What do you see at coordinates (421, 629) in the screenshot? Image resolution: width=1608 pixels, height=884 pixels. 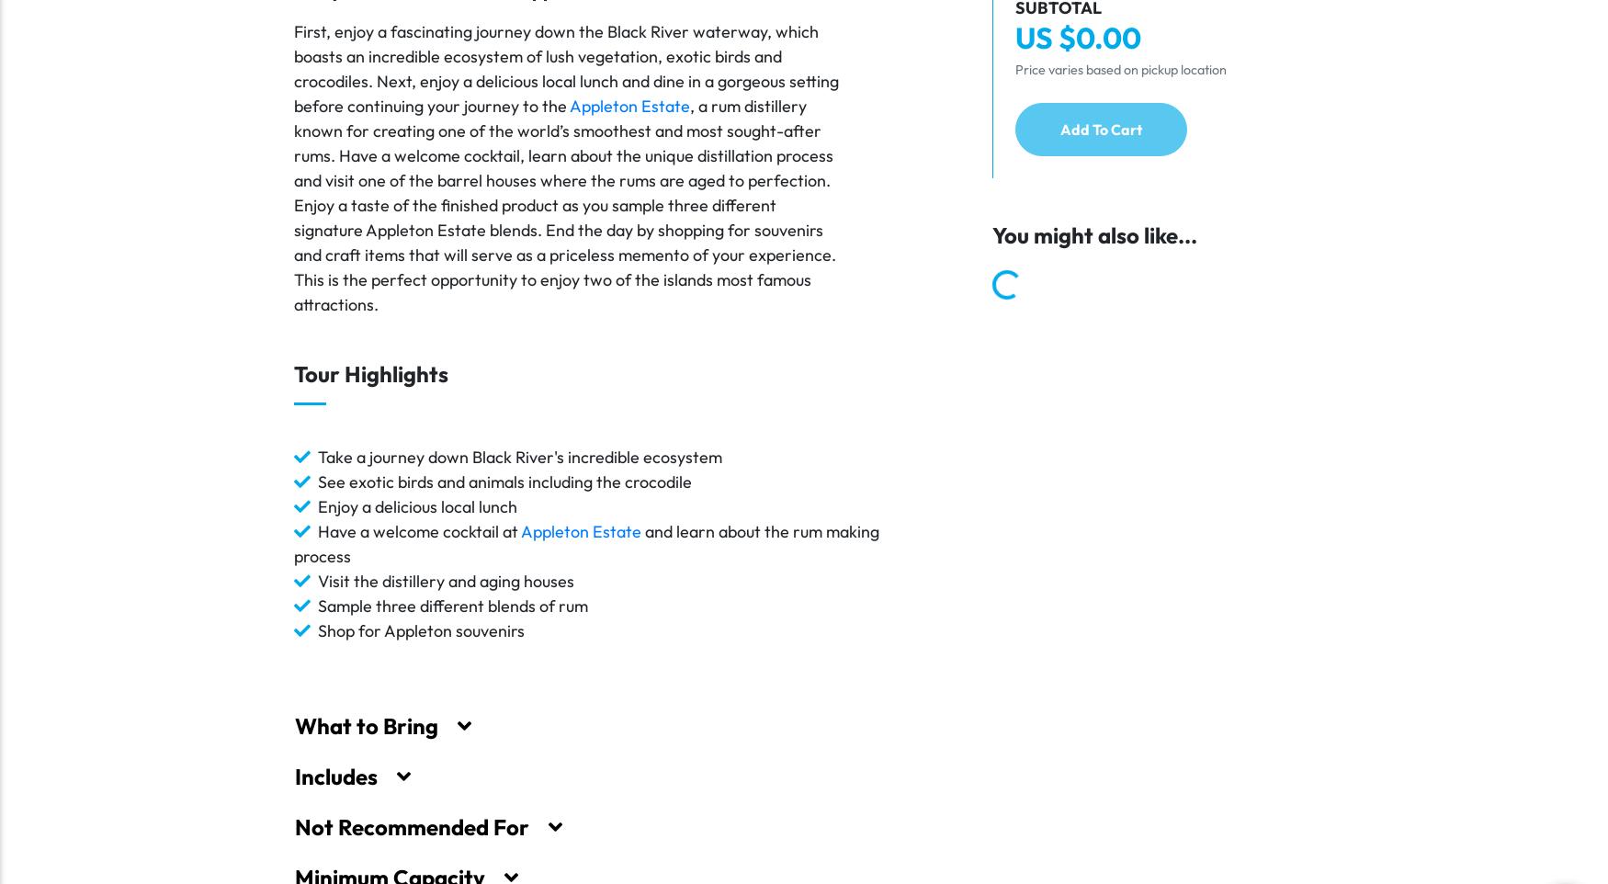 I see `'Shop for Appleton souvenirs'` at bounding box center [421, 629].